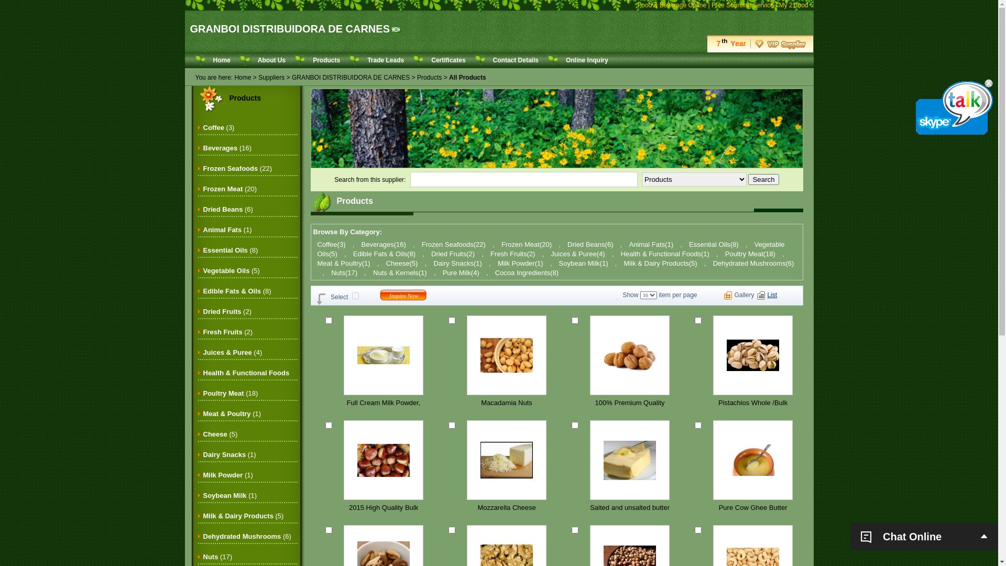 The width and height of the screenshot is (1006, 566). Describe the element at coordinates (218, 127) in the screenshot. I see `'Coffee (3)'` at that location.